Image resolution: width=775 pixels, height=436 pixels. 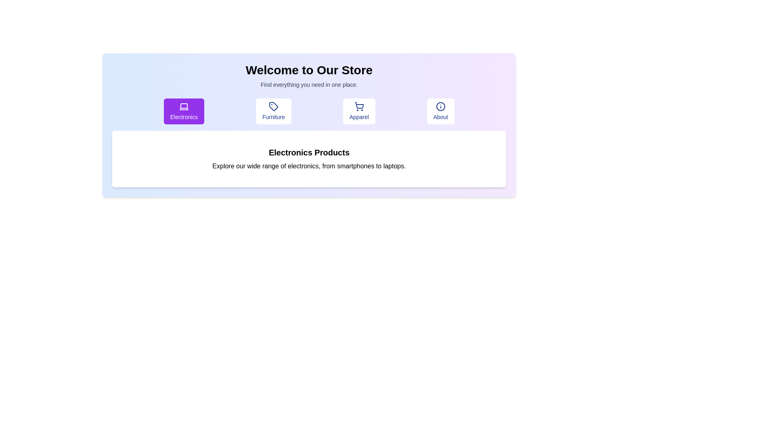 I want to click on the purple background square labeled 'Electronics', so click(x=184, y=106).